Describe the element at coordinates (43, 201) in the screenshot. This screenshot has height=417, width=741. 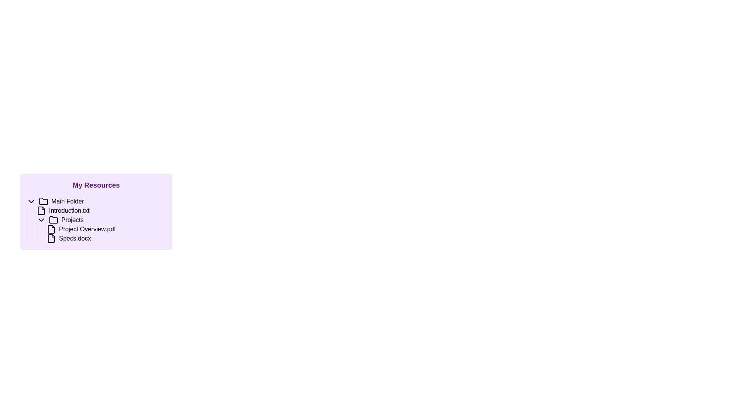
I see `the 'Main Folder' icon, which is a pictorial representation of a folder located under 'My Resources'` at that location.